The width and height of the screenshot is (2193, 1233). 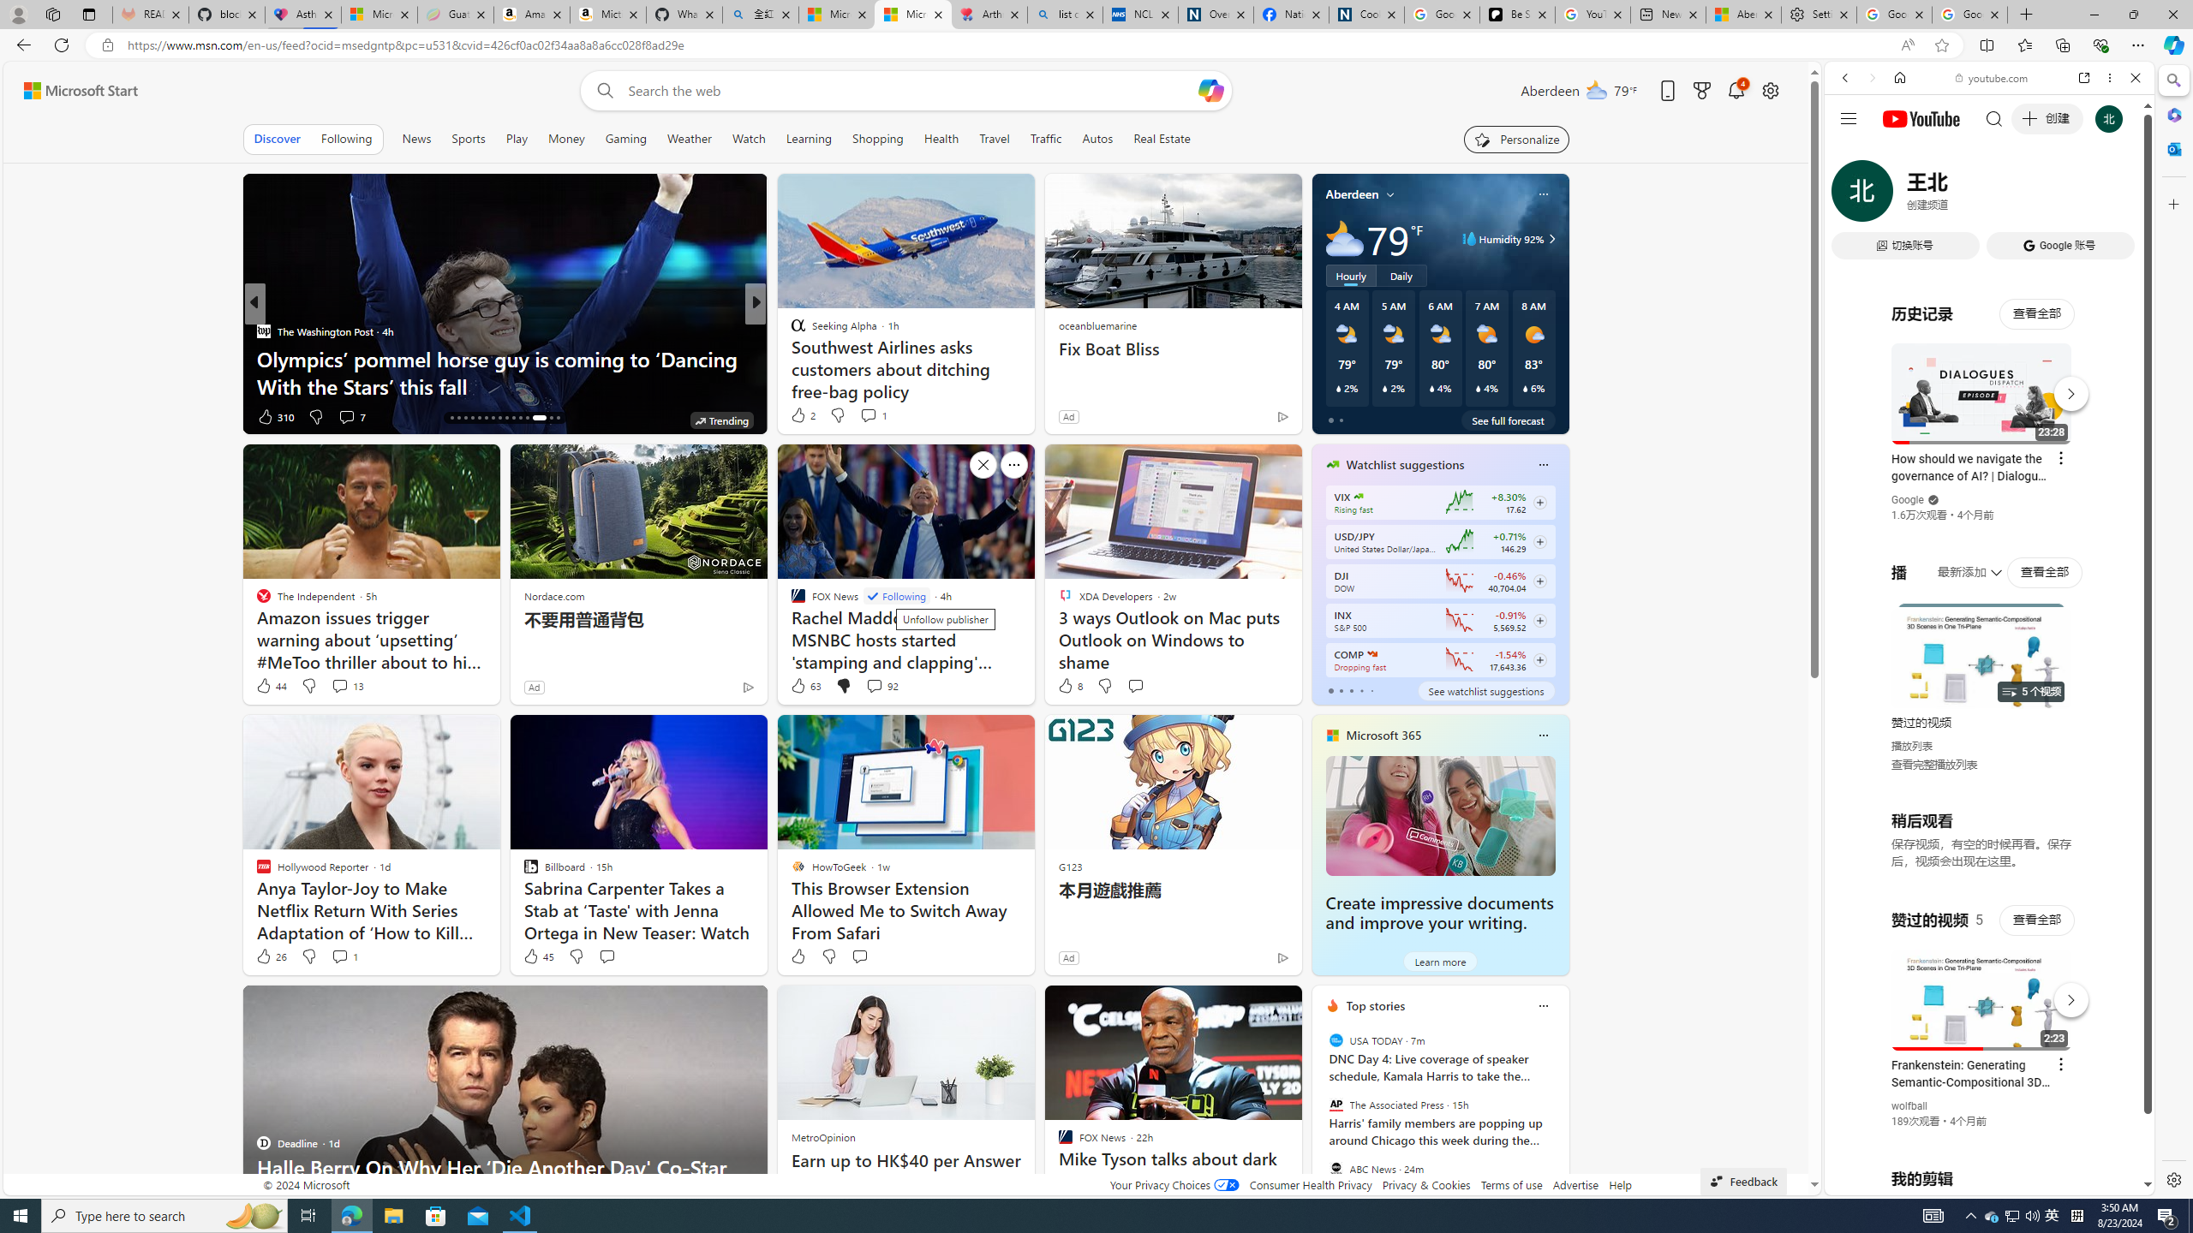 What do you see at coordinates (2172, 203) in the screenshot?
I see `'Close Customize pane'` at bounding box center [2172, 203].